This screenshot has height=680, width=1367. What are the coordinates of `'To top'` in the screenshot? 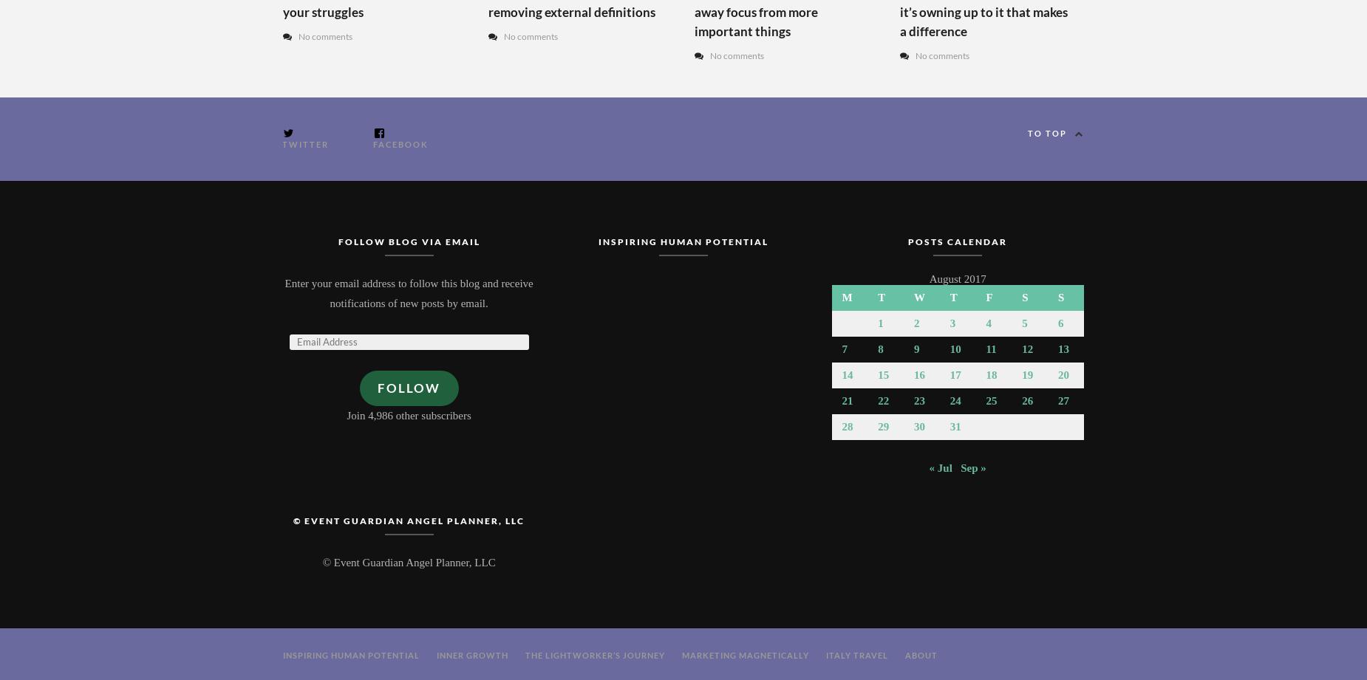 It's located at (1047, 131).